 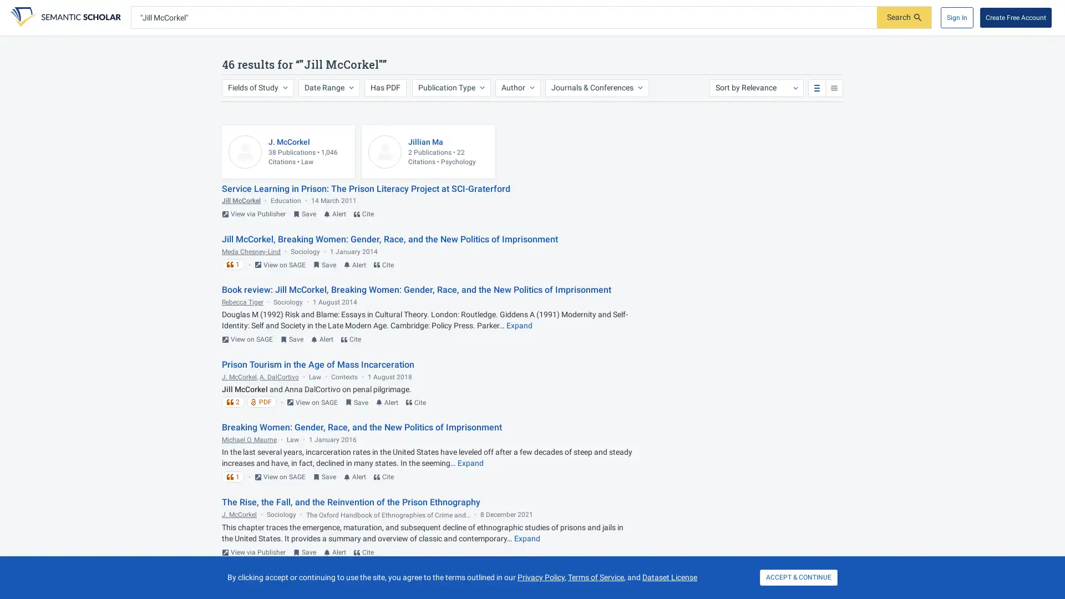 What do you see at coordinates (834, 87) in the screenshot?
I see `compact search results view` at bounding box center [834, 87].